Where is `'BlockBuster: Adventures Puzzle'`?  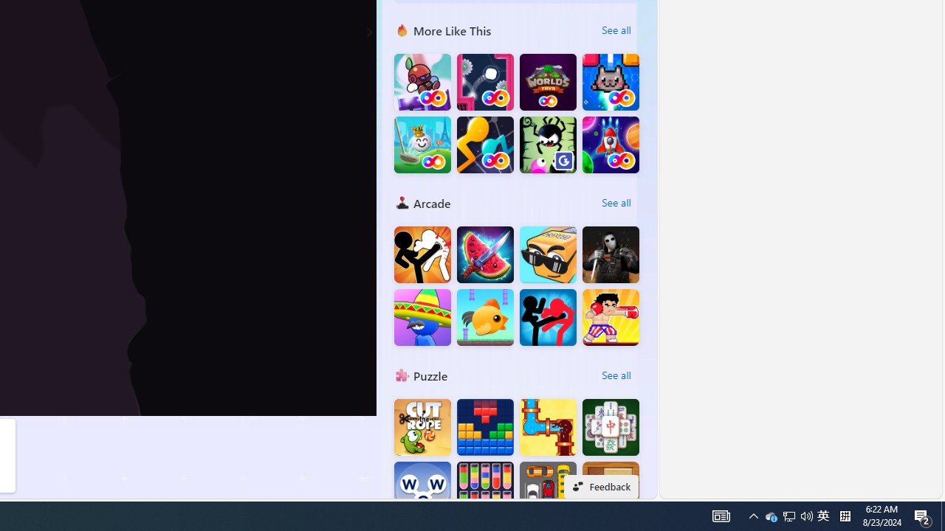 'BlockBuster: Adventures Puzzle' is located at coordinates (485, 427).